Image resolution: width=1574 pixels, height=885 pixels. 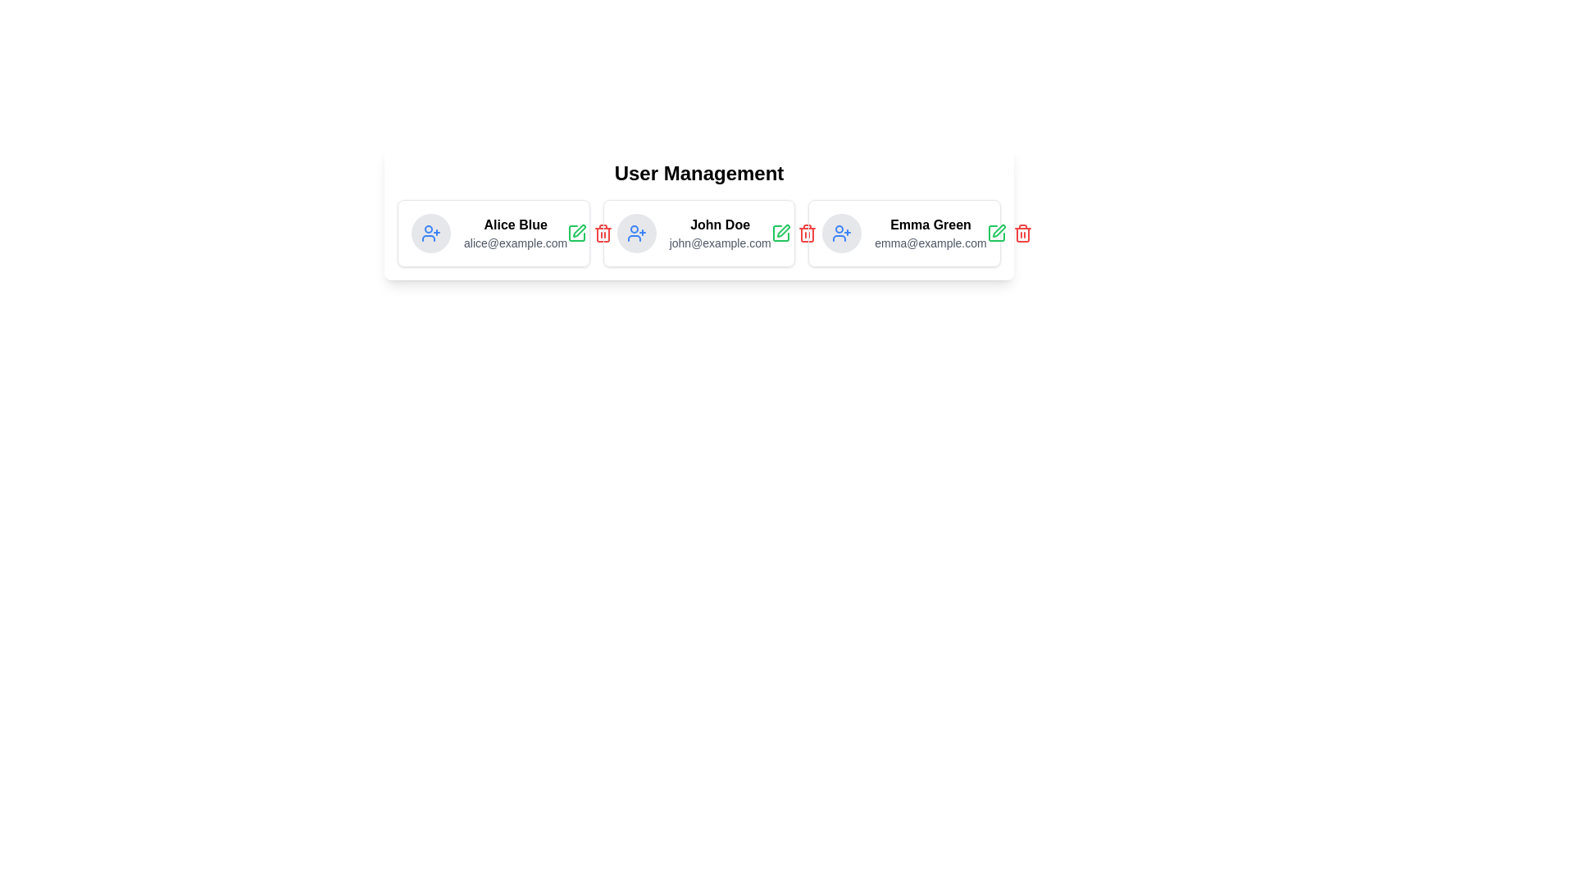 What do you see at coordinates (431, 234) in the screenshot?
I see `the circular icon button with a light gray background and a blue user-plus icon, located next to the user 'Alice Blue' and her email 'alice@example.com'` at bounding box center [431, 234].